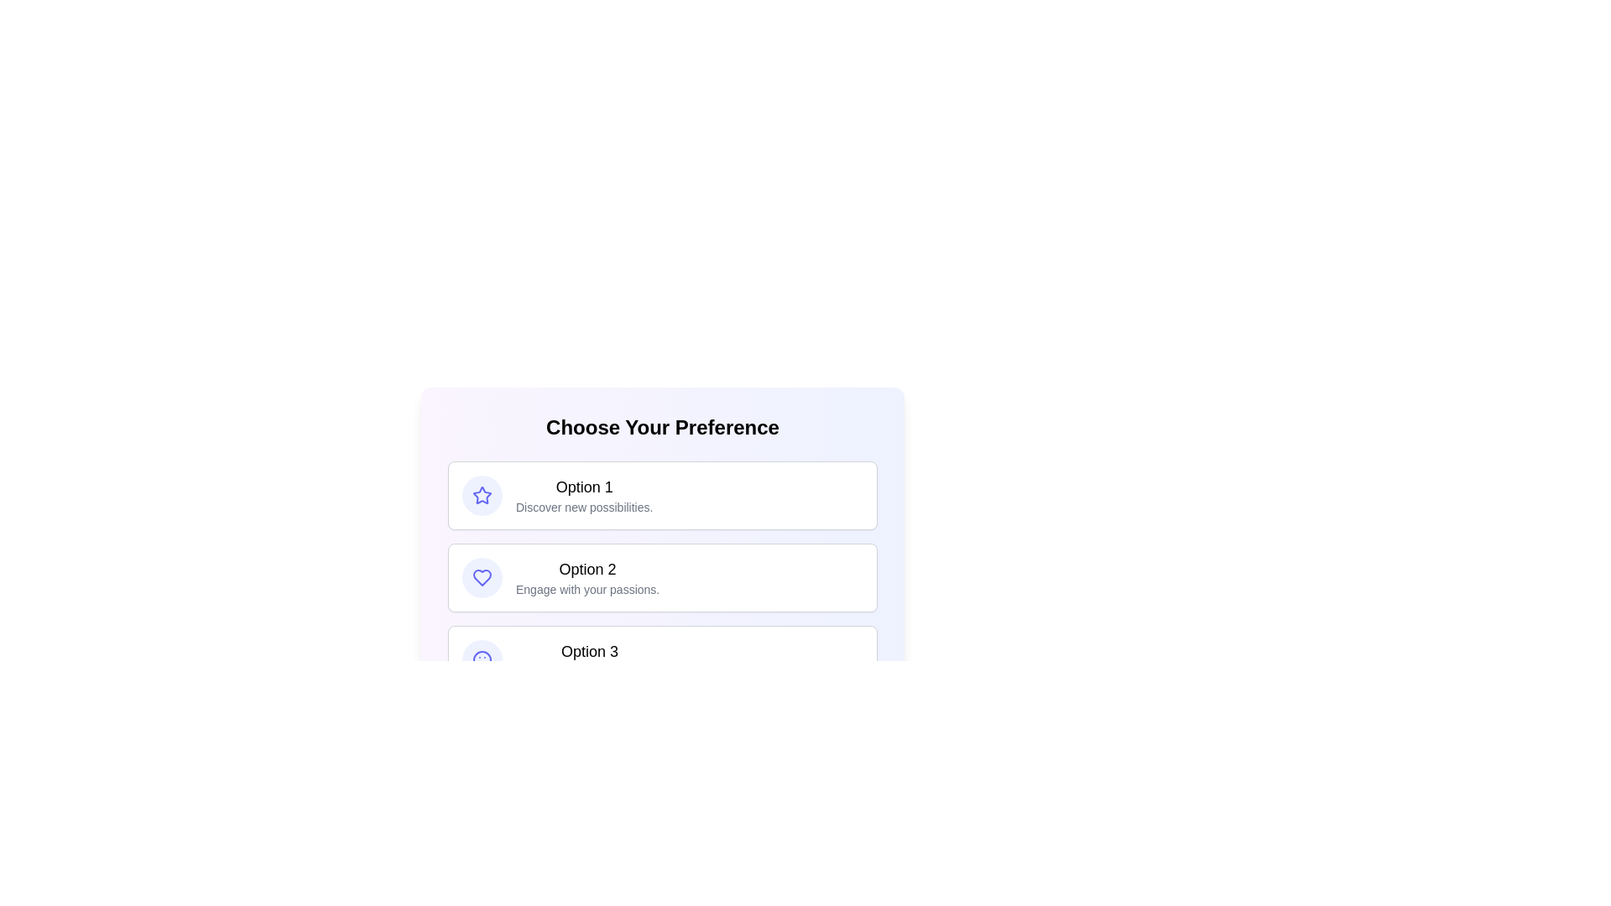 The image size is (1611, 906). Describe the element at coordinates (587, 577) in the screenshot. I see `the text block titled 'Option 2'` at that location.